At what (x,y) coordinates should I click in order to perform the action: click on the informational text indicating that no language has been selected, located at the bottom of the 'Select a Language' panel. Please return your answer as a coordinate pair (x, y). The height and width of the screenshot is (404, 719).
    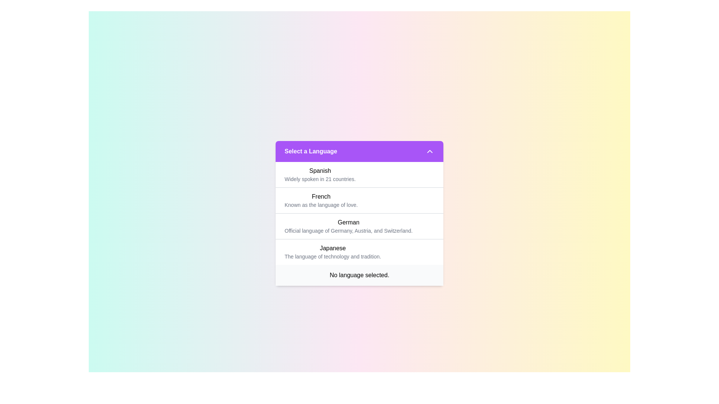
    Looking at the image, I should click on (359, 275).